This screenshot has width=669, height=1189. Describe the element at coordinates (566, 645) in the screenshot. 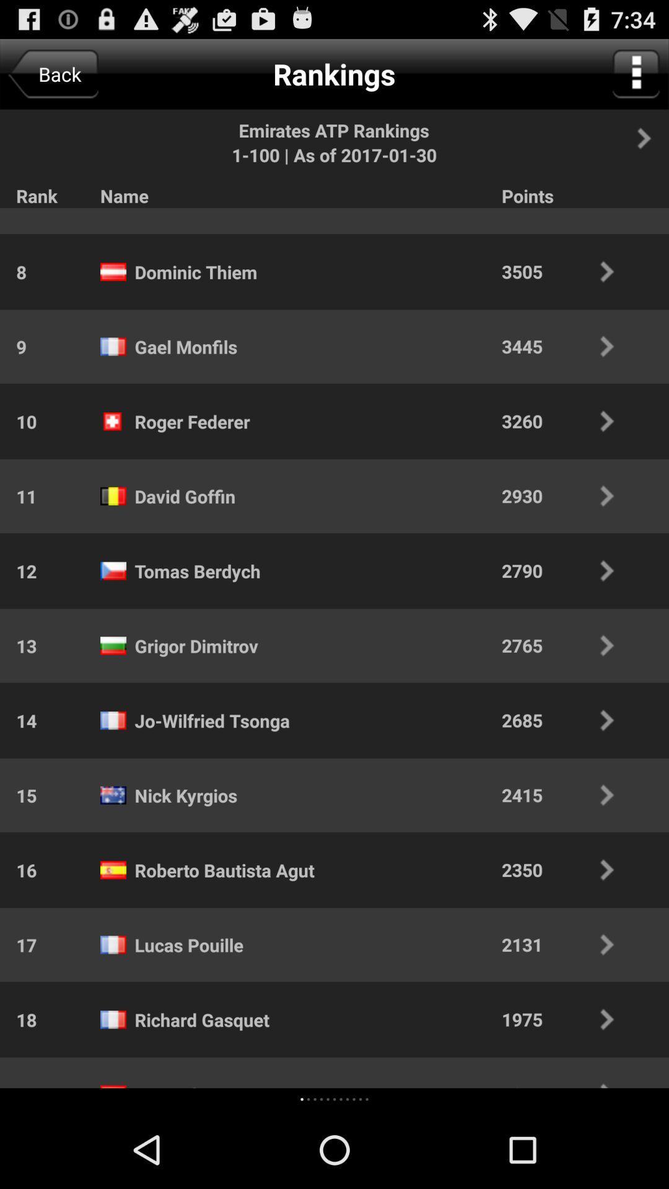

I see `the item next to grigor dimitrov item` at that location.